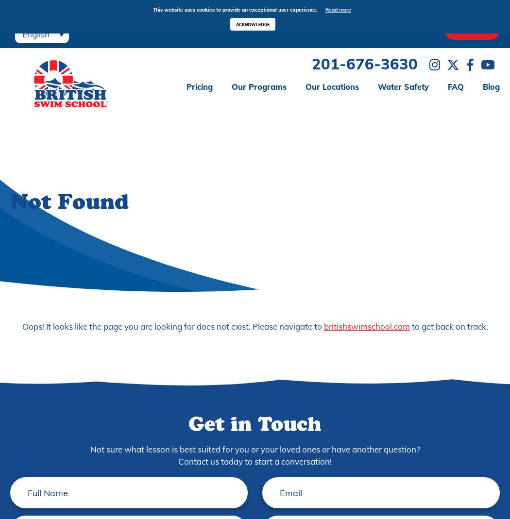 The height and width of the screenshot is (519, 510). I want to click on 'Acknowledge', so click(252, 24).